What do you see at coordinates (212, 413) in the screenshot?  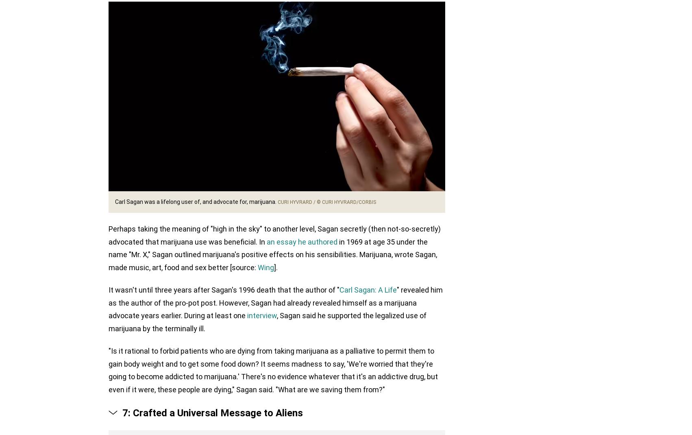 I see `'7: Crafted a Universal Message to Aliens'` at bounding box center [212, 413].